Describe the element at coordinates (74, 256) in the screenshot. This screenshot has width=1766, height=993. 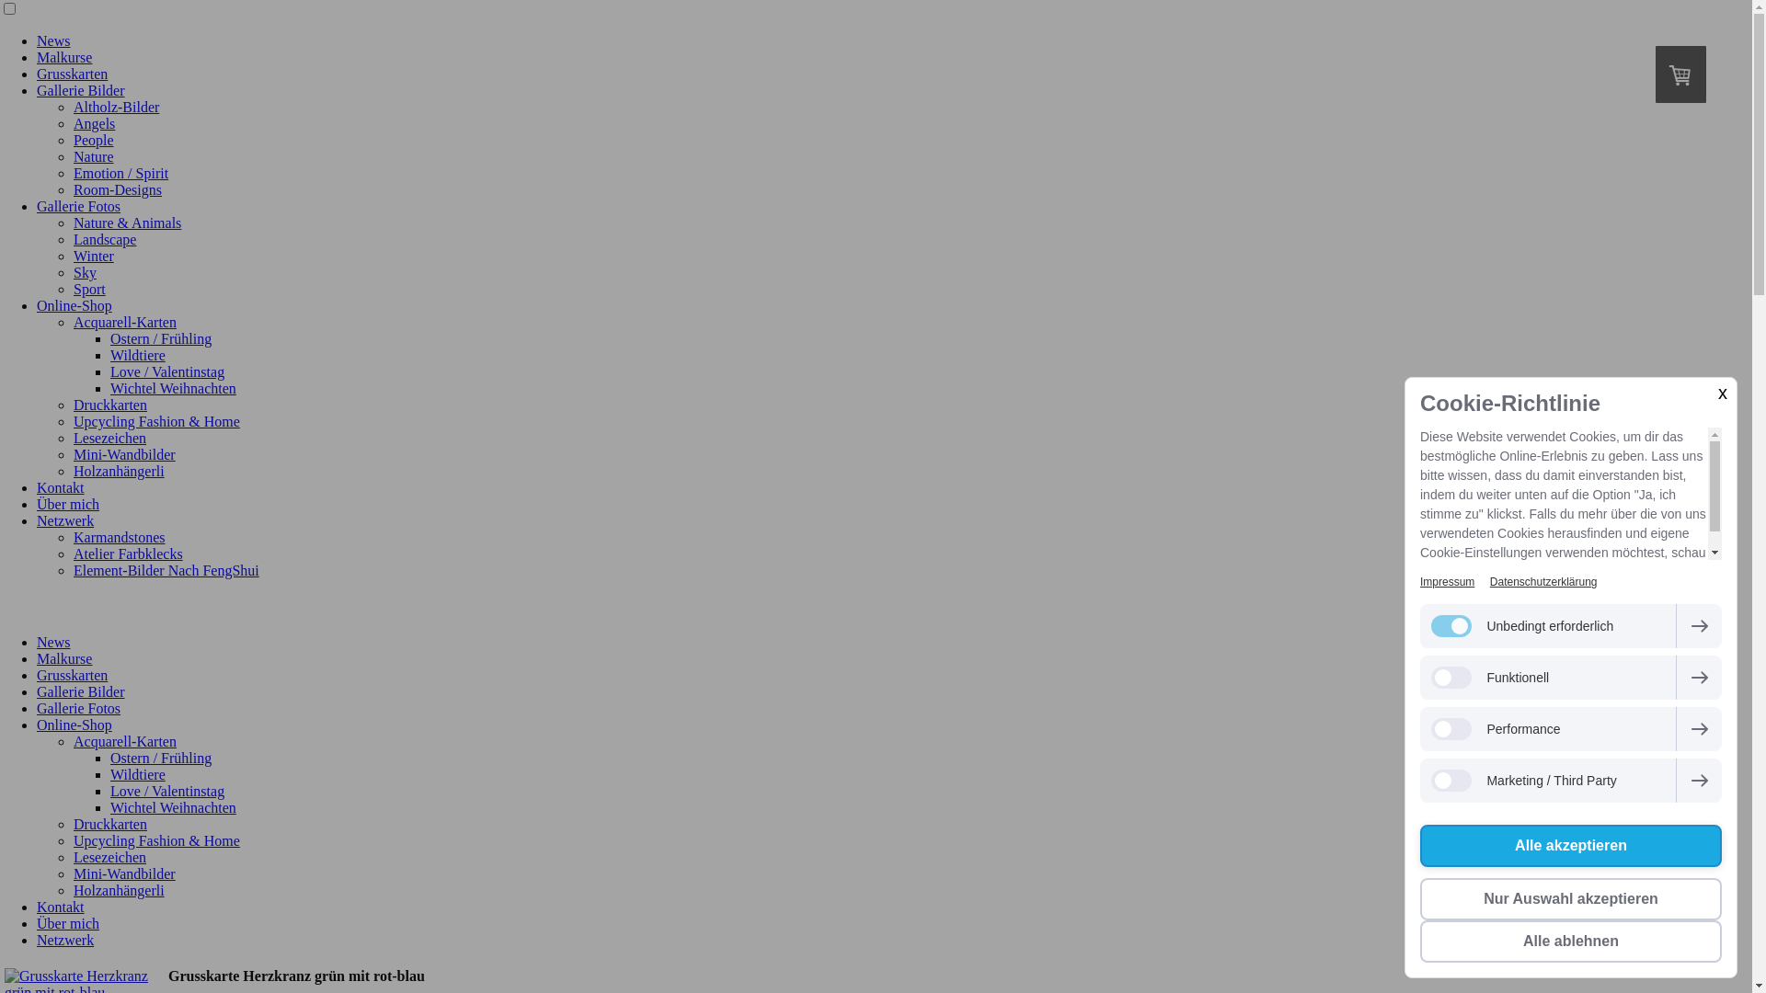
I see `'Winter'` at that location.